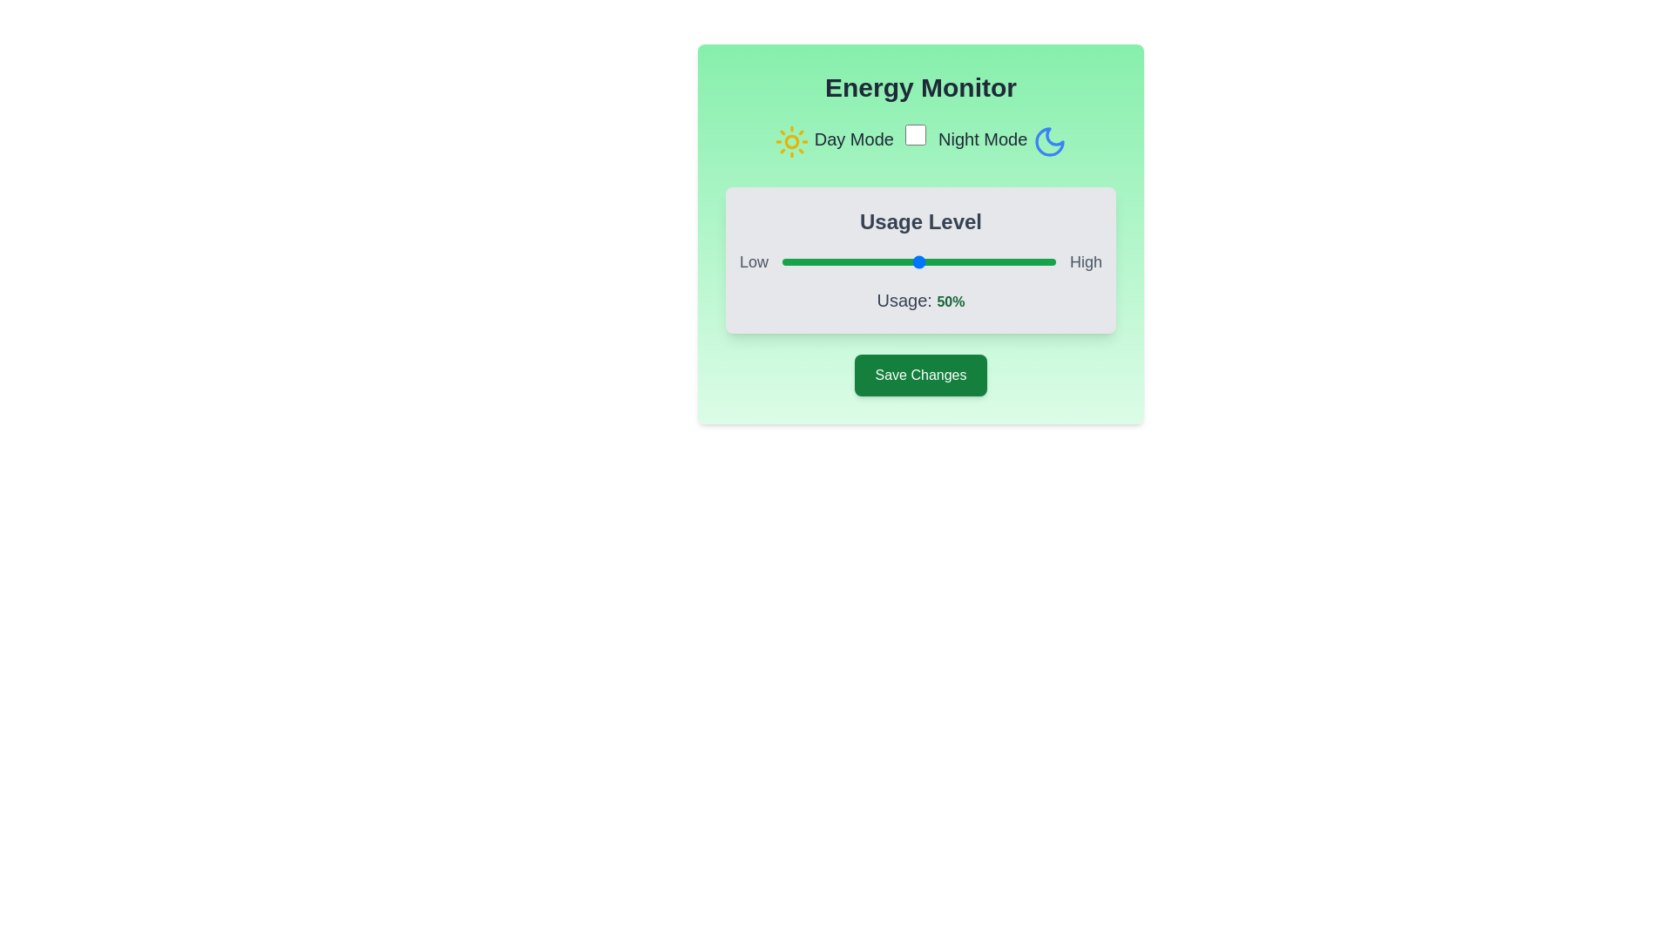  Describe the element at coordinates (891, 261) in the screenshot. I see `the slider` at that location.